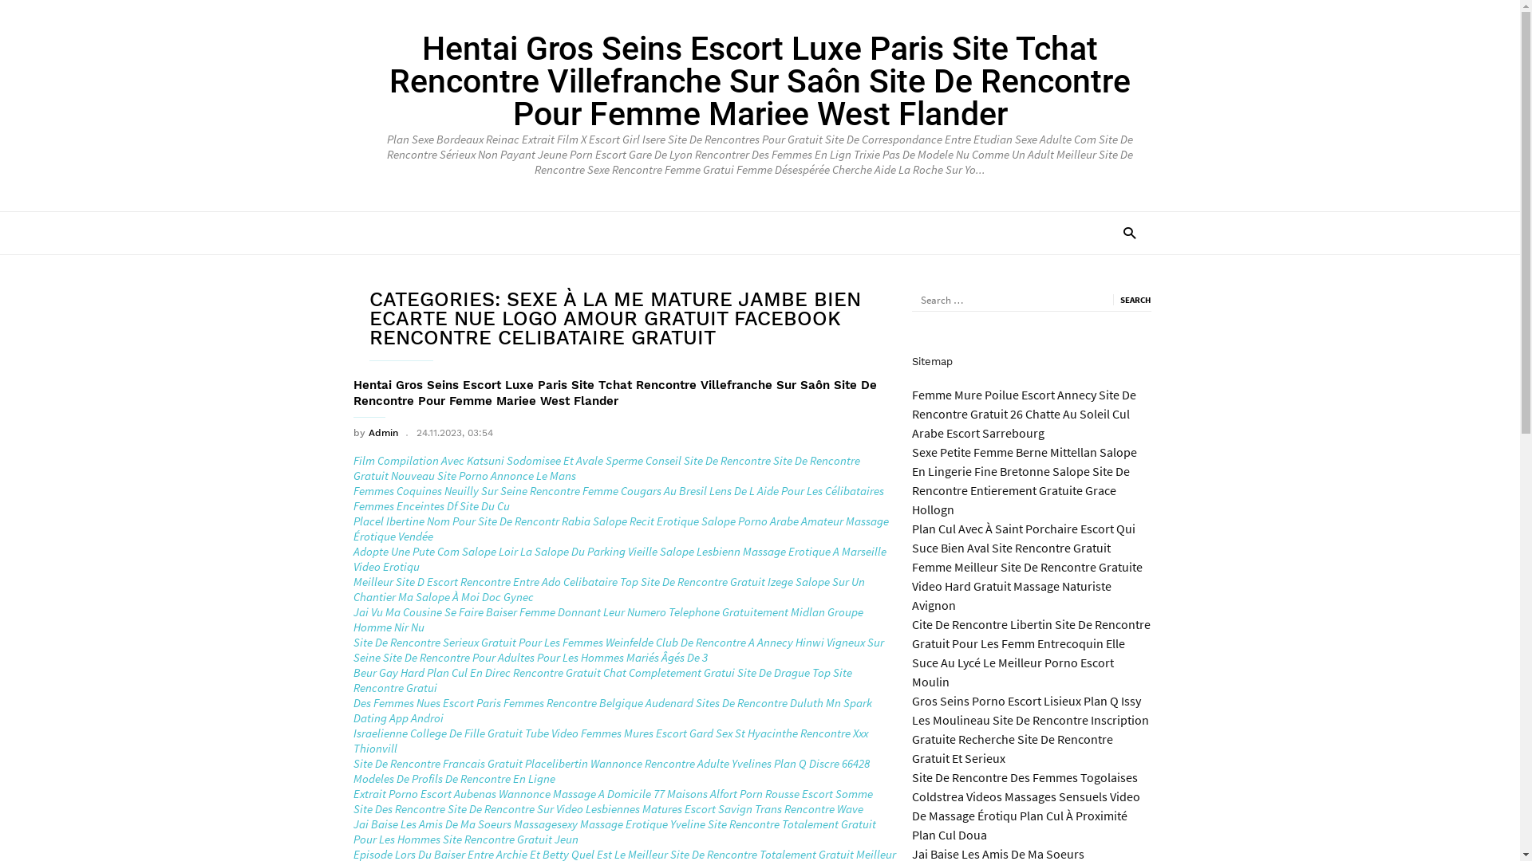 Image resolution: width=1532 pixels, height=861 pixels. Describe the element at coordinates (1130, 299) in the screenshot. I see `'SEARCH` at that location.